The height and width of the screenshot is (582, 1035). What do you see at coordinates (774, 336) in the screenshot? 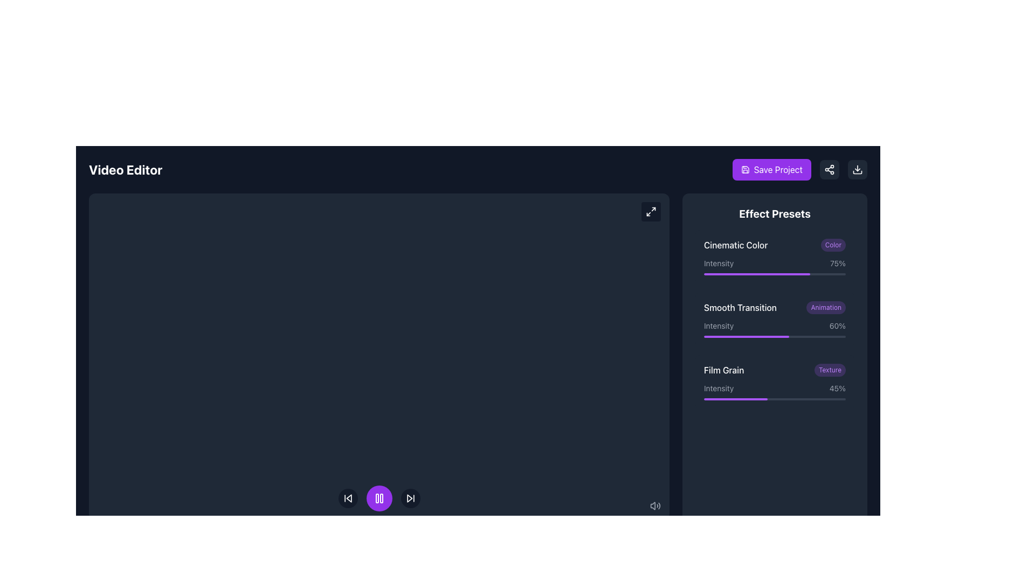
I see `the Progress Bar that visually represents the intensity level of the 'Smooth Transition Intensity' preset, located below the label with a percentage value of '60%'` at bounding box center [774, 336].